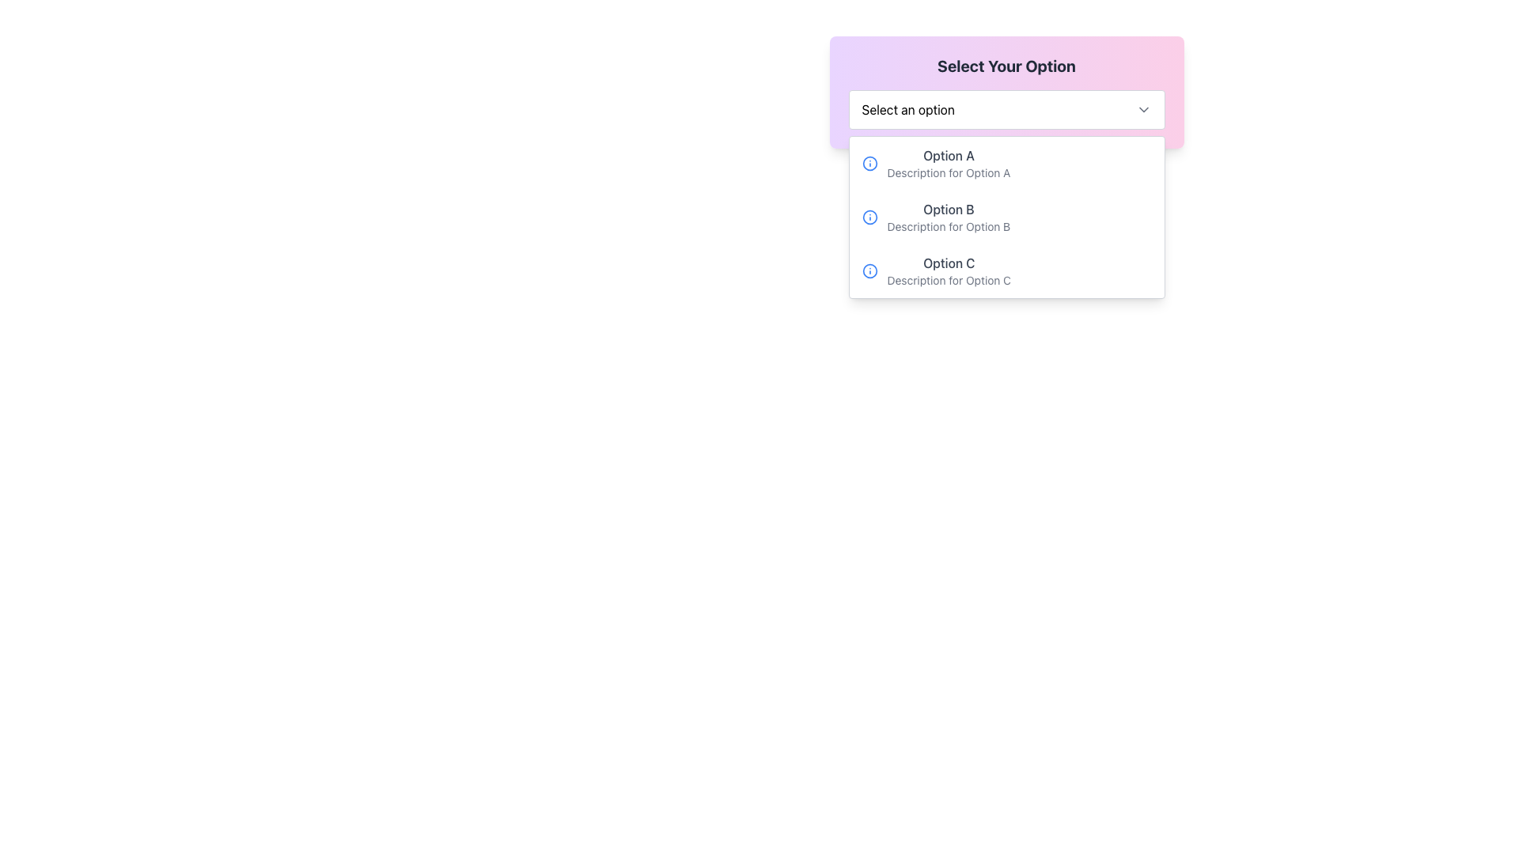 The width and height of the screenshot is (1519, 854). What do you see at coordinates (949, 279) in the screenshot?
I see `the text label providing additional information about 'Option C' in the dropdown menu, positioned directly below the label 'Option C'` at bounding box center [949, 279].